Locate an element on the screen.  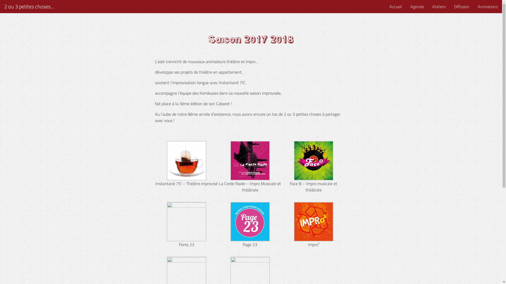
'Animations' is located at coordinates (473, 6).